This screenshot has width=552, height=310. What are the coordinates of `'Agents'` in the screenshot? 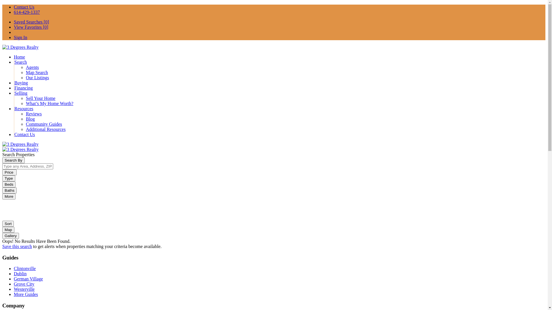 It's located at (32, 67).